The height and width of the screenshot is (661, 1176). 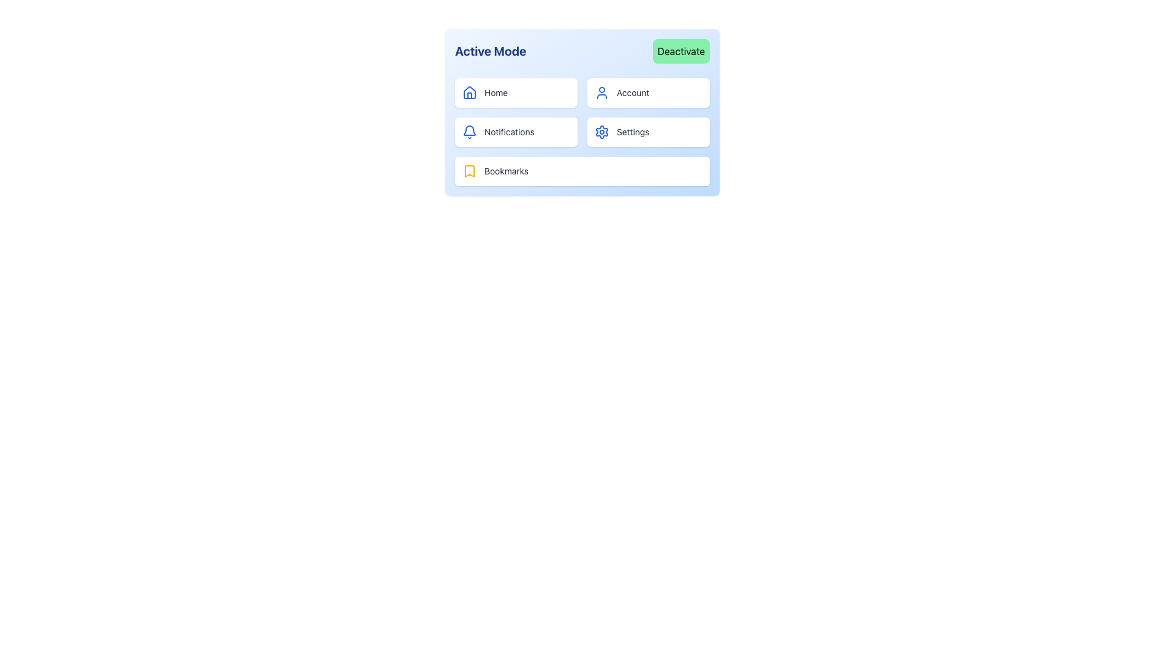 I want to click on the blue house-like icon in the top row of the menu interface, so click(x=469, y=91).